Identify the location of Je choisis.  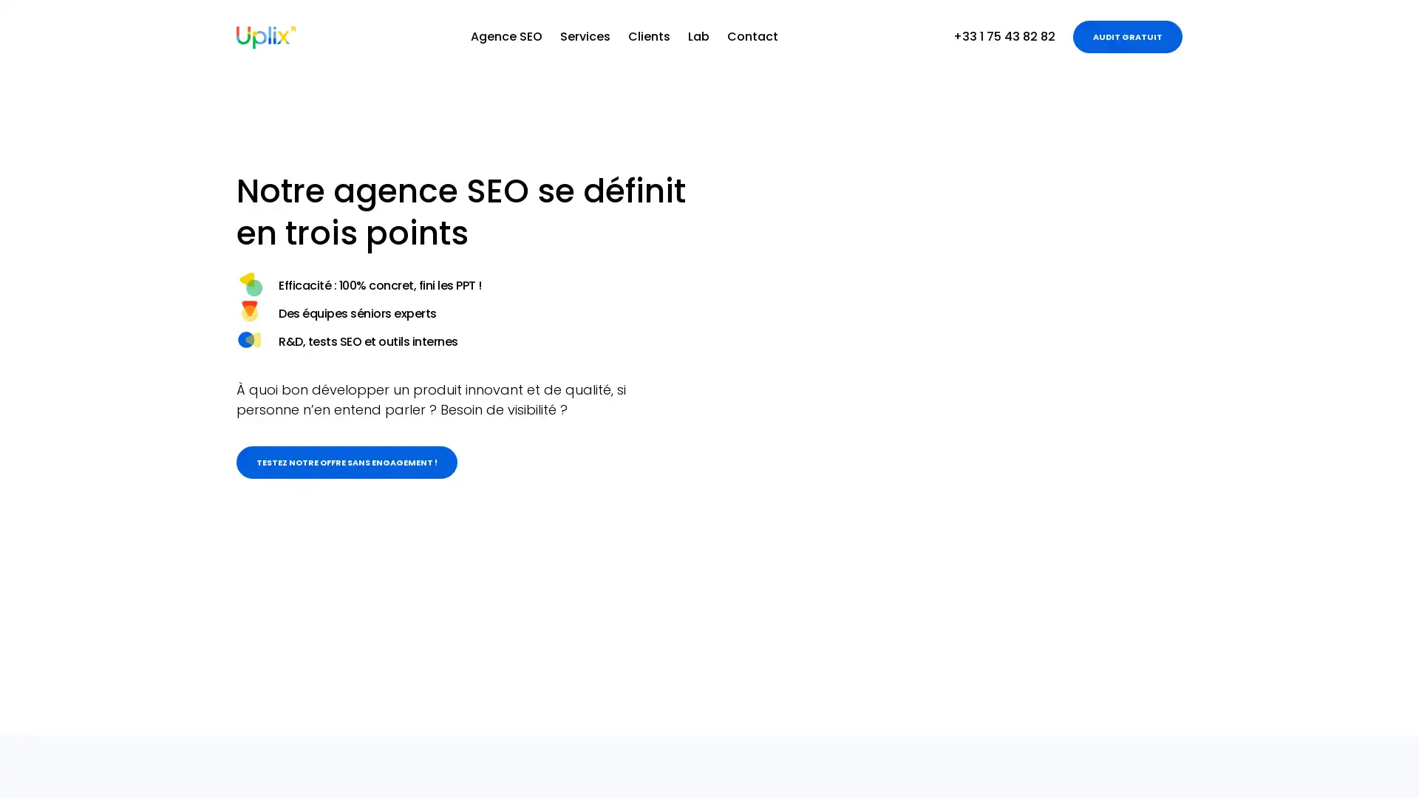
(1248, 723).